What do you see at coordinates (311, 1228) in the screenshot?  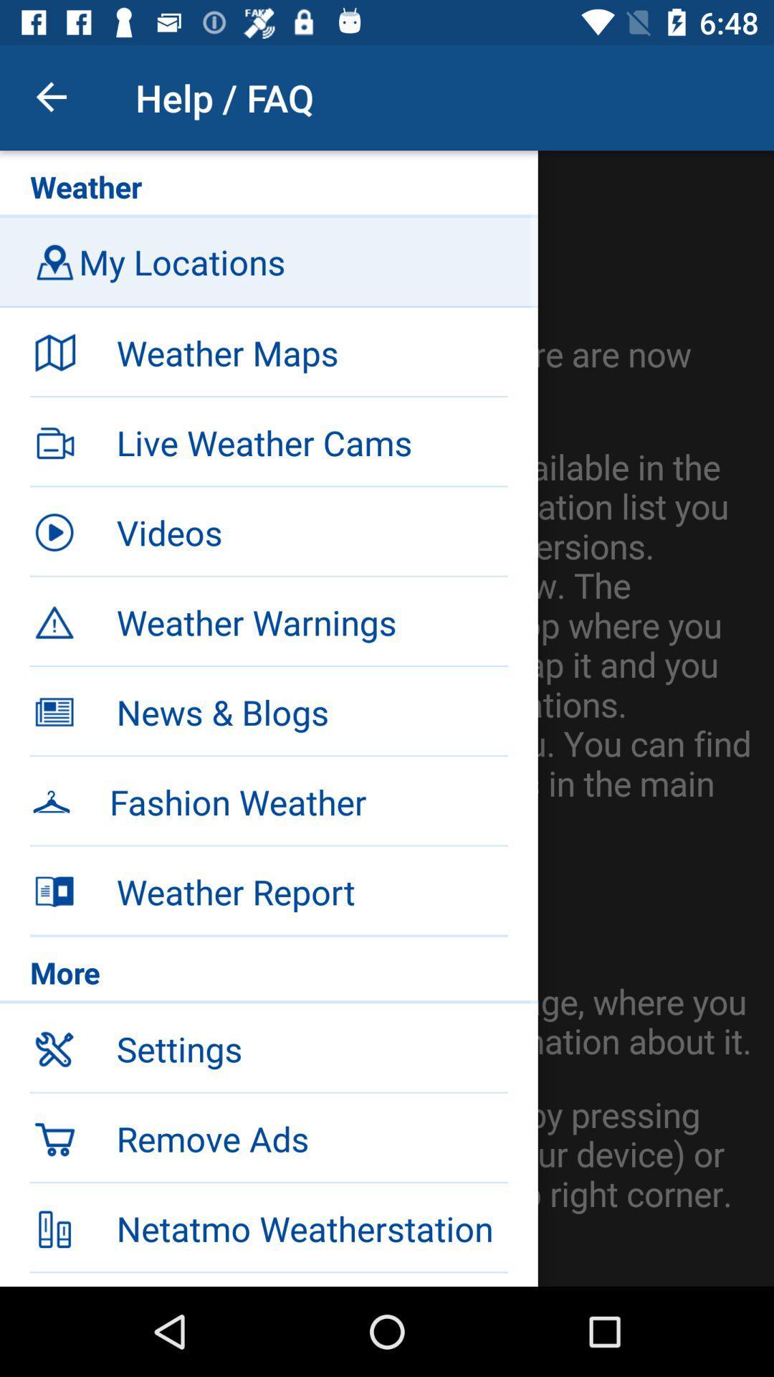 I see `netatmo weatherstation` at bounding box center [311, 1228].